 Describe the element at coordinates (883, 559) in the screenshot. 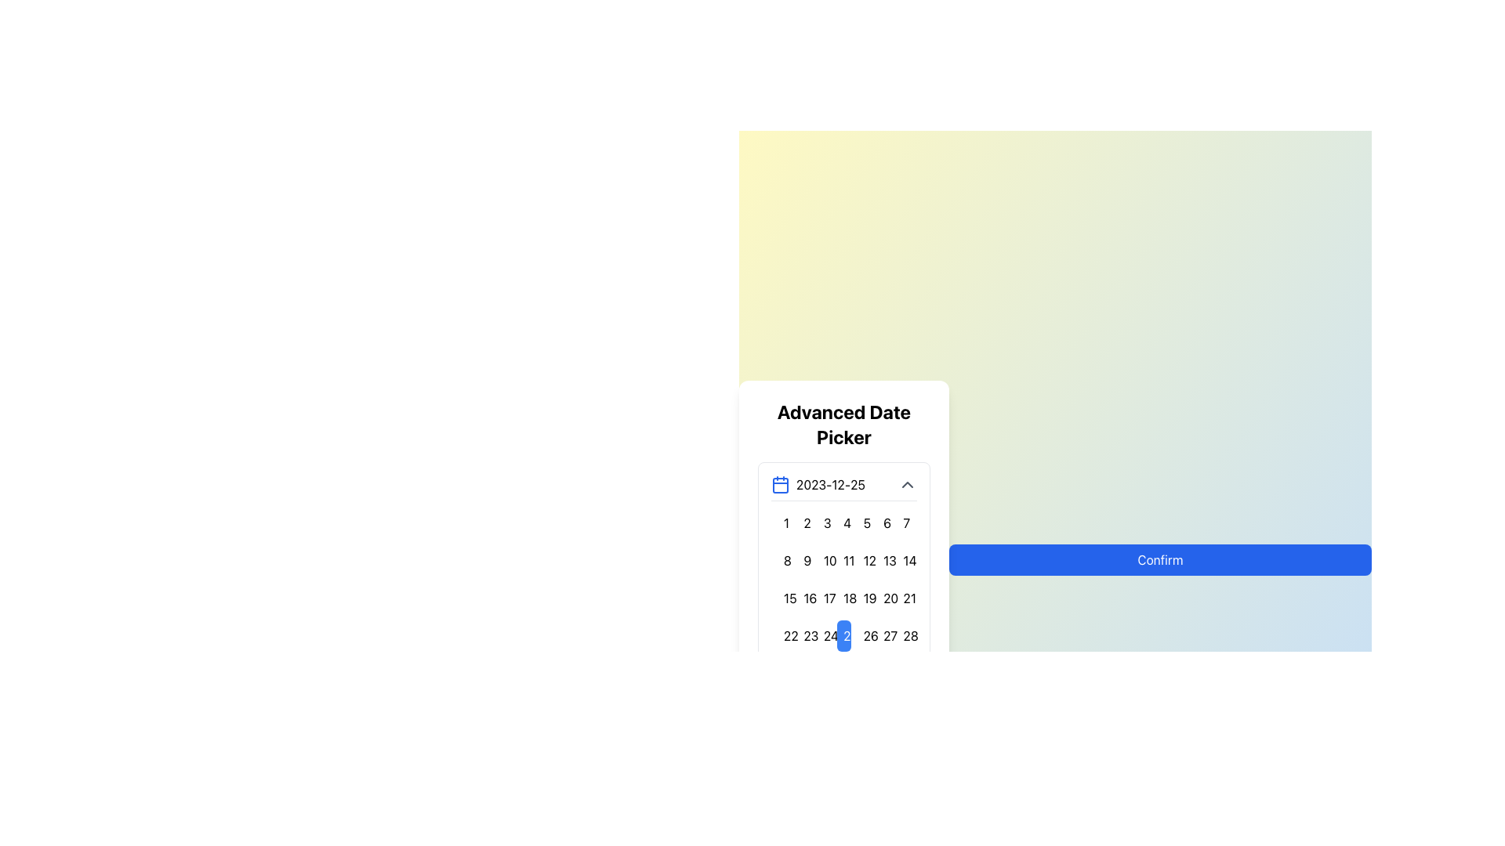

I see `the button labeled '13' in the date picker interface` at that location.